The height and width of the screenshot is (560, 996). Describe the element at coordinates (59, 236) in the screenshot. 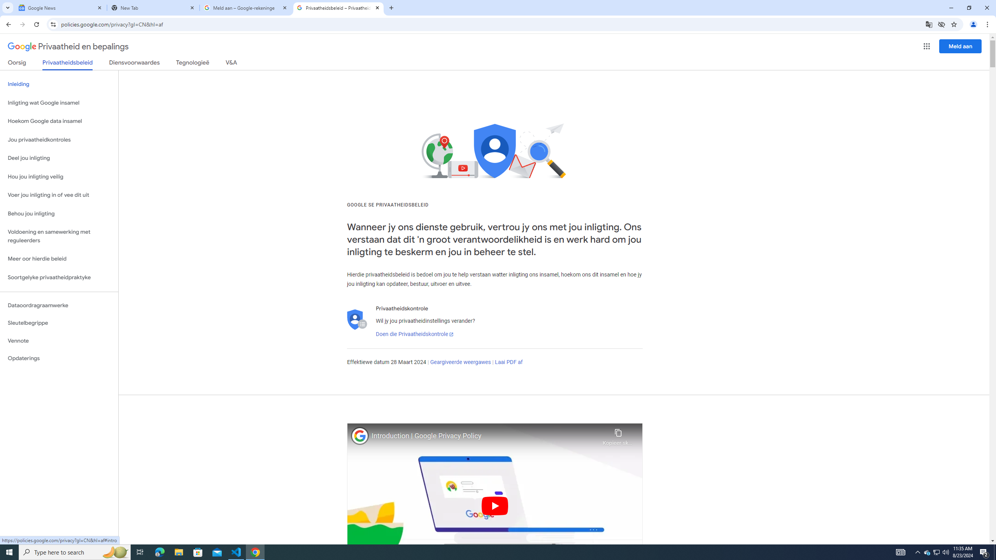

I see `'Voldoening en samewerking met reguleerders'` at that location.